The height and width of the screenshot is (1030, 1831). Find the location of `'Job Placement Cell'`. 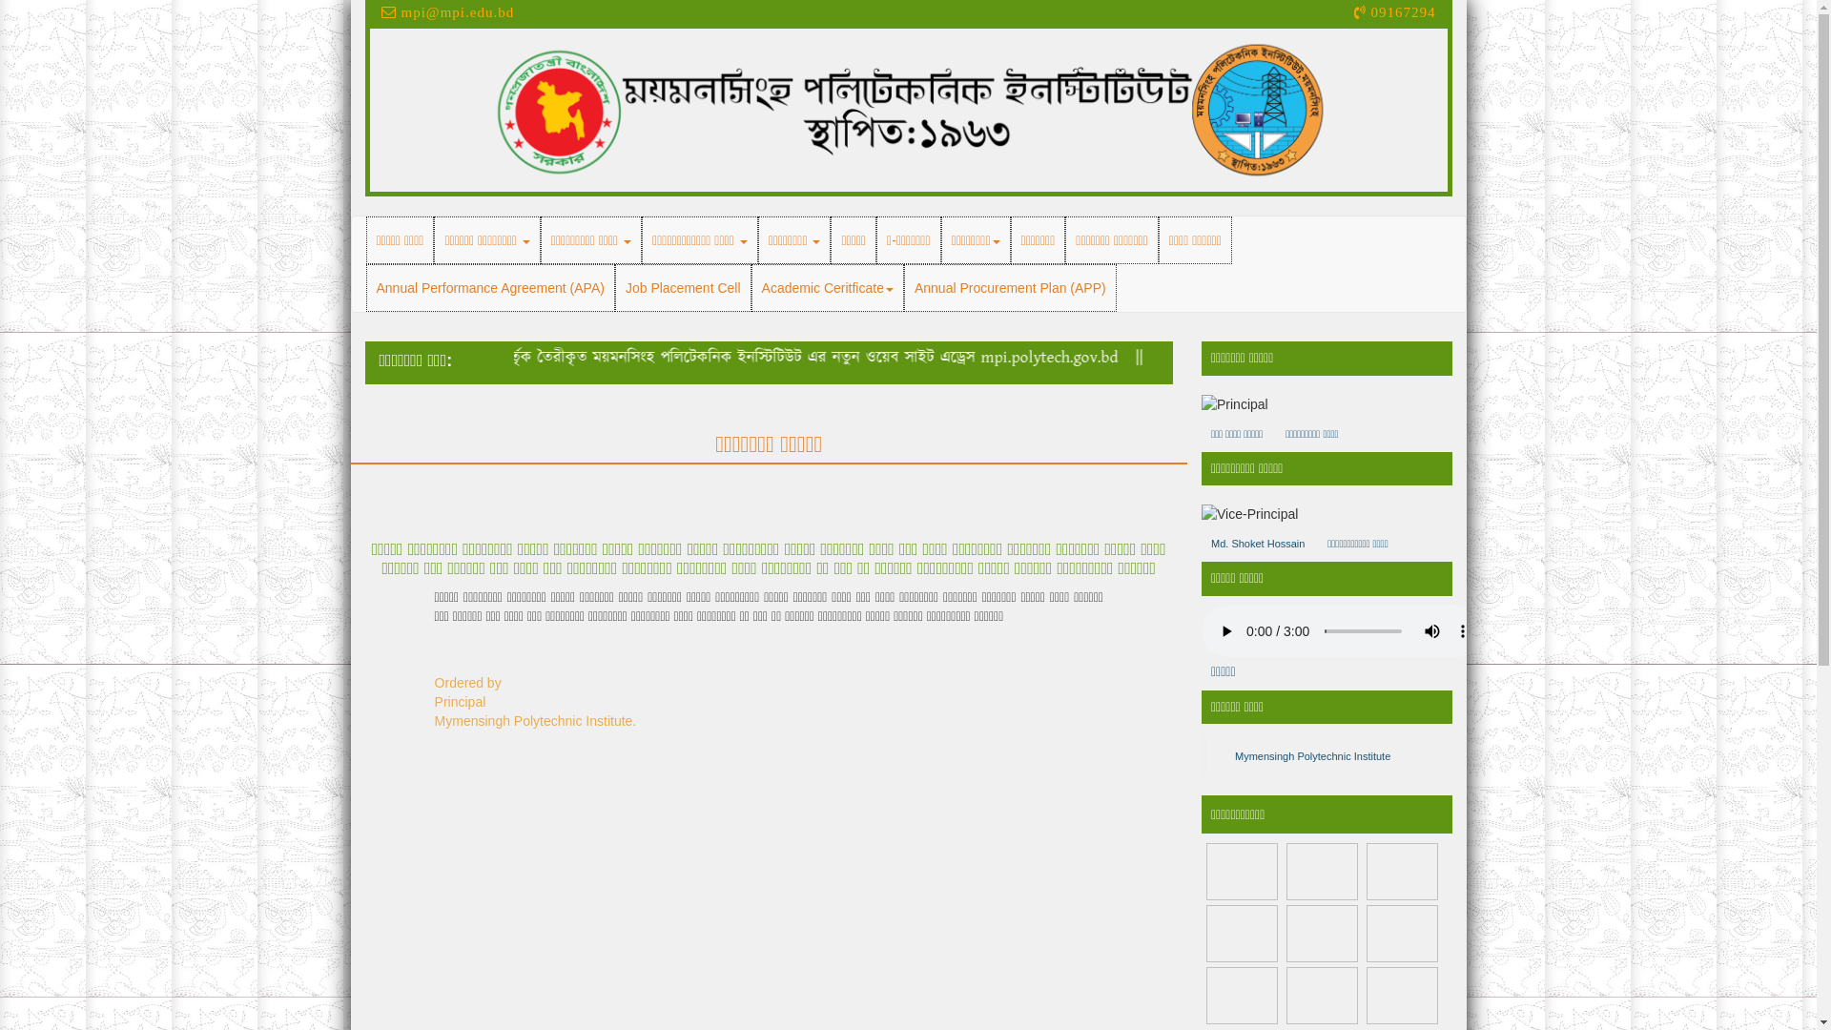

'Job Placement Cell' is located at coordinates (683, 287).